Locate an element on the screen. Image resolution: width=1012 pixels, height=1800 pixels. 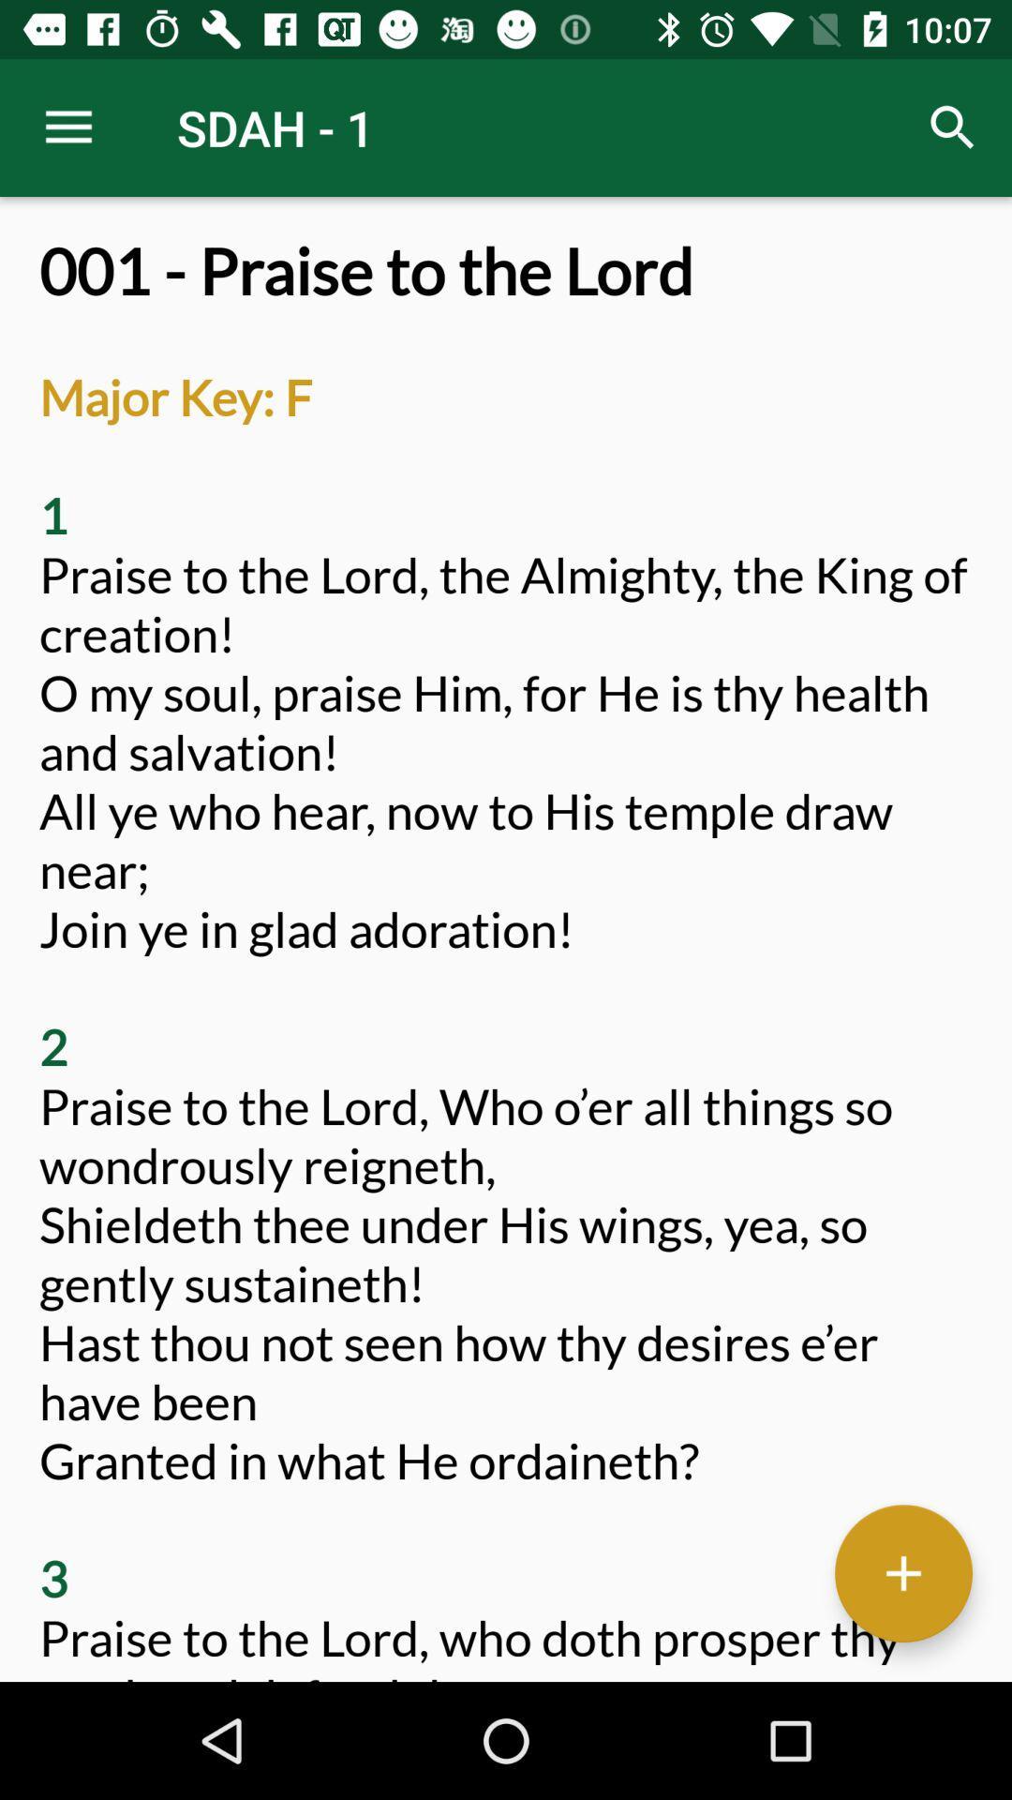
the item above 001 praise to item is located at coordinates (953, 127).